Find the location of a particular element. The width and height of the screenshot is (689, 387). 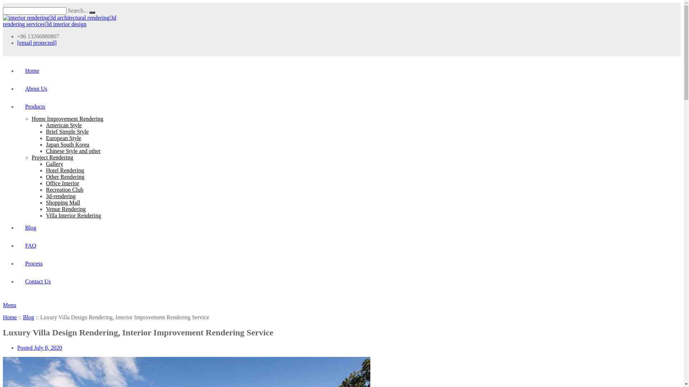

'American Style' is located at coordinates (64, 125).